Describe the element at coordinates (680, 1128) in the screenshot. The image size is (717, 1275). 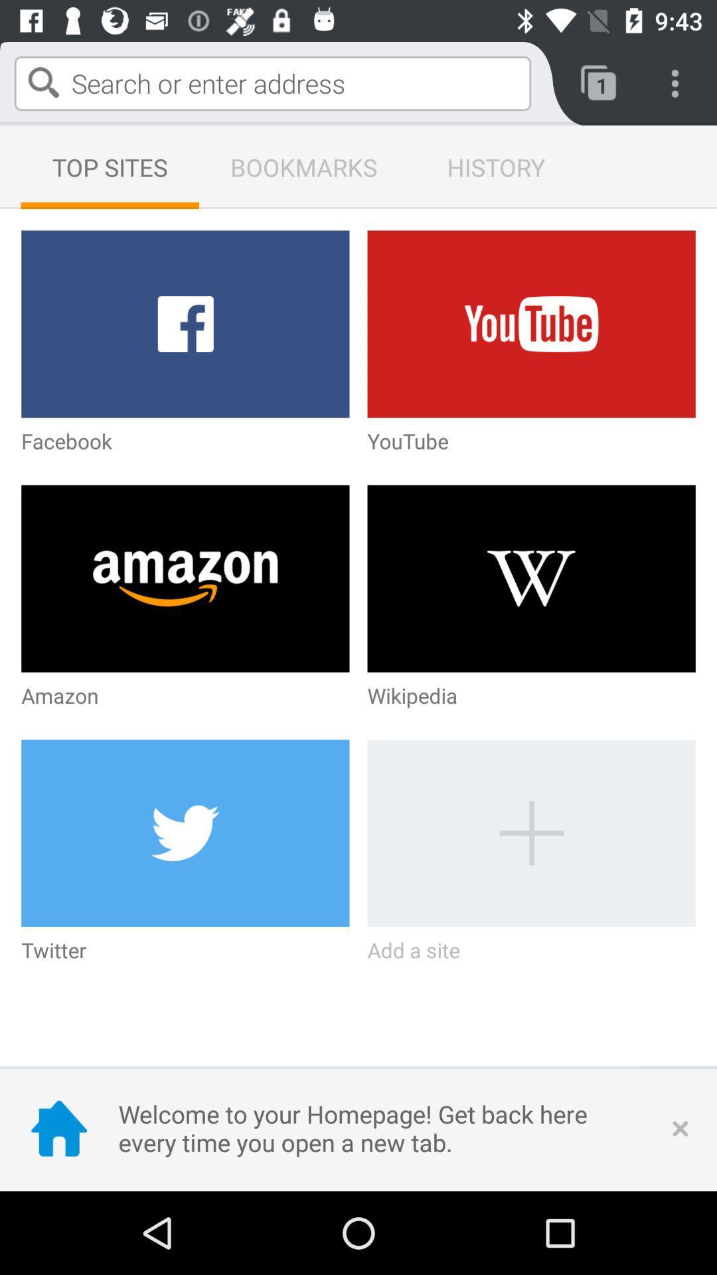
I see `the close icon` at that location.